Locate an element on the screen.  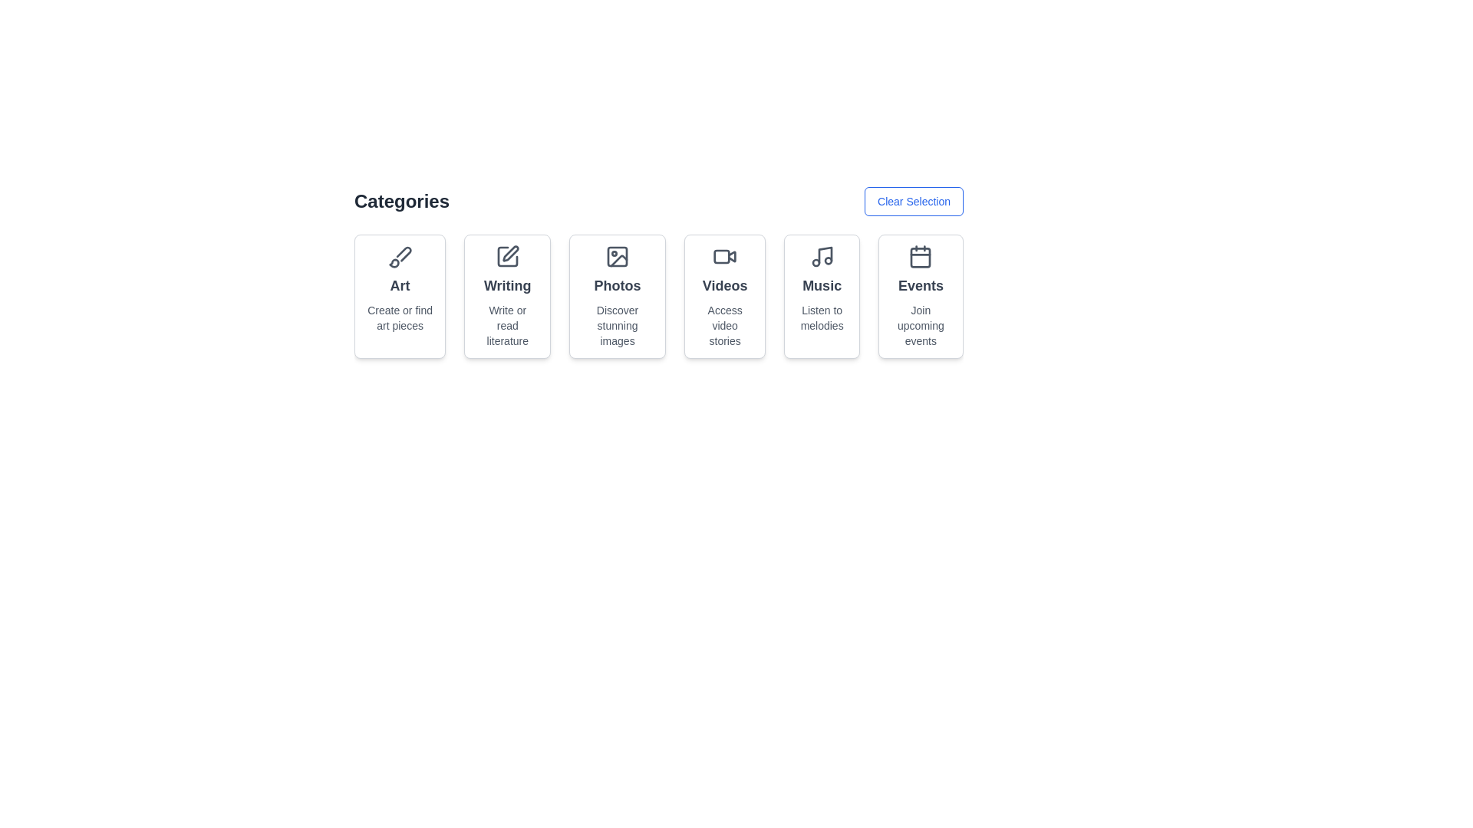
the 'Music' category icon located centrally in the upper half of the card structure is located at coordinates (821, 256).